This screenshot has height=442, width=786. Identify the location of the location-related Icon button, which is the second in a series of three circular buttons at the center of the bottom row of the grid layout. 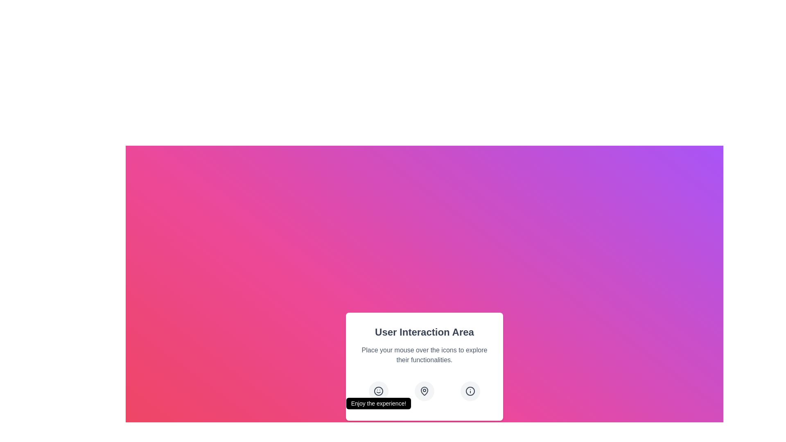
(424, 391).